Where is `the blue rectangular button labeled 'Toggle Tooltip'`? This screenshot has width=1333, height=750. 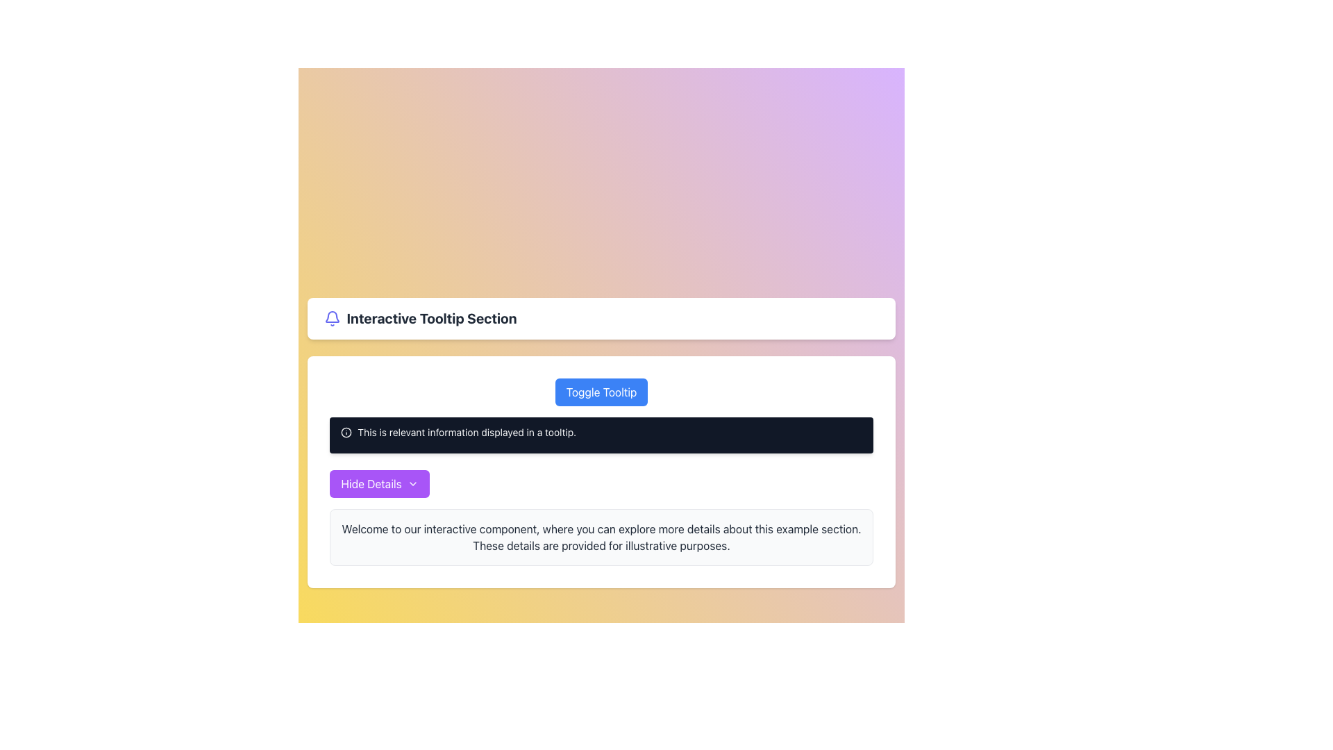
the blue rectangular button labeled 'Toggle Tooltip' is located at coordinates (601, 392).